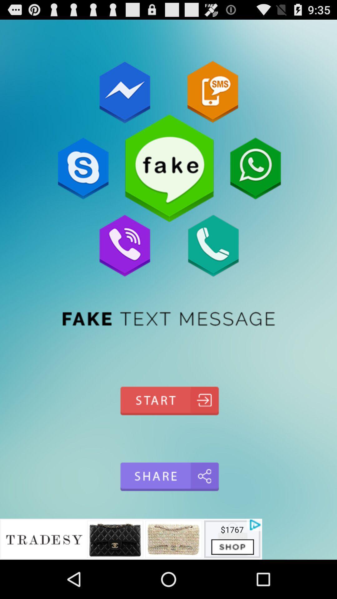 Image resolution: width=337 pixels, height=599 pixels. I want to click on the videocam icon, so click(168, 510).